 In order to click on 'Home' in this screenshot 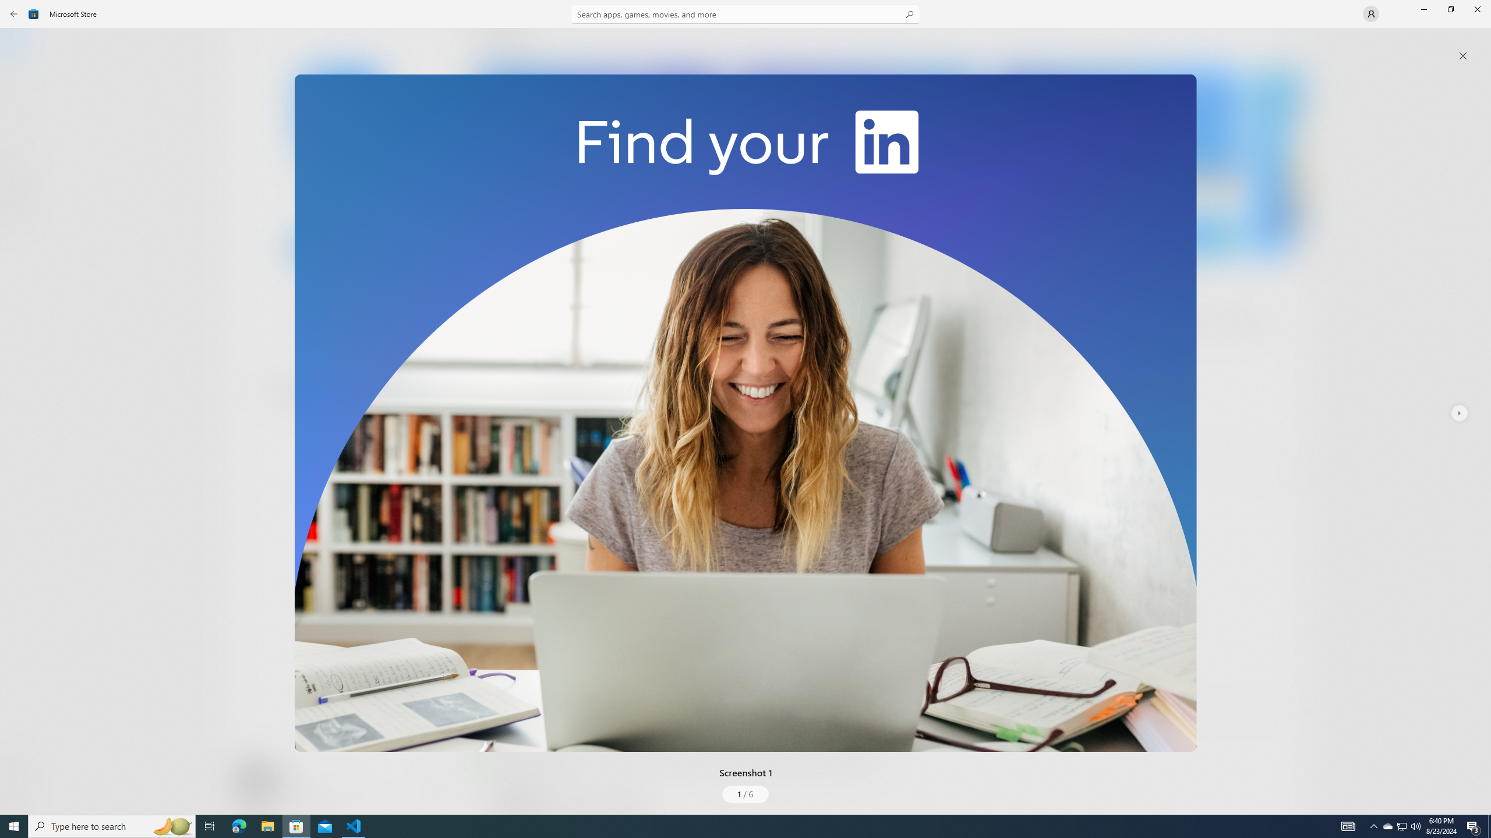, I will do `click(20, 45)`.